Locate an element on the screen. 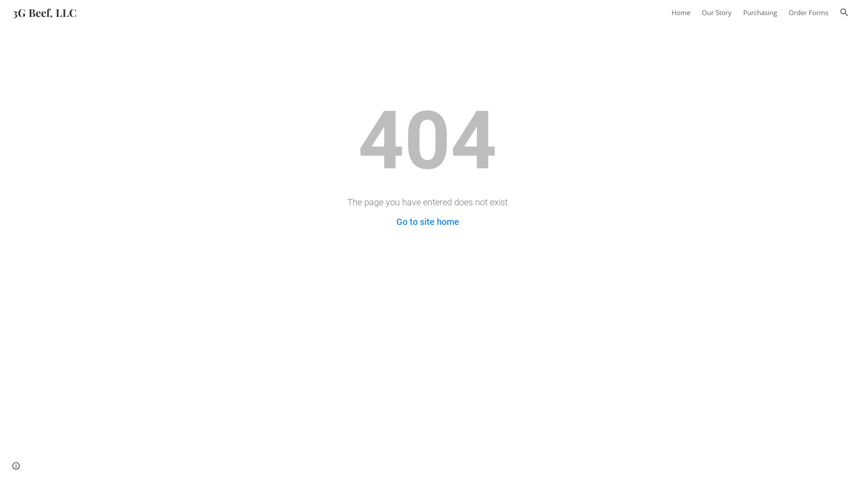  'Home' is located at coordinates (680, 12).